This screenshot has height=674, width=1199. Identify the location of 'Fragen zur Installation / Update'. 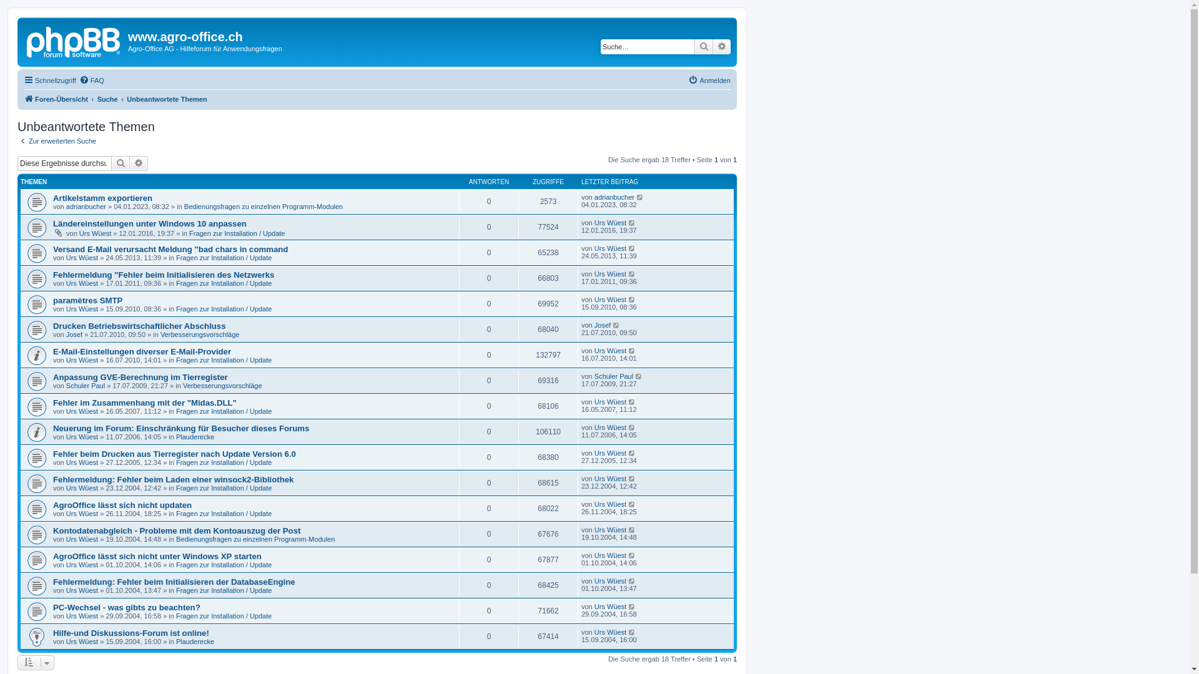
(175, 256).